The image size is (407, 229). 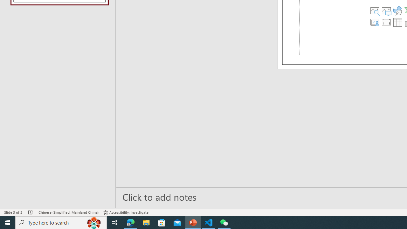 What do you see at coordinates (162, 222) in the screenshot?
I see `'Microsoft Store'` at bounding box center [162, 222].